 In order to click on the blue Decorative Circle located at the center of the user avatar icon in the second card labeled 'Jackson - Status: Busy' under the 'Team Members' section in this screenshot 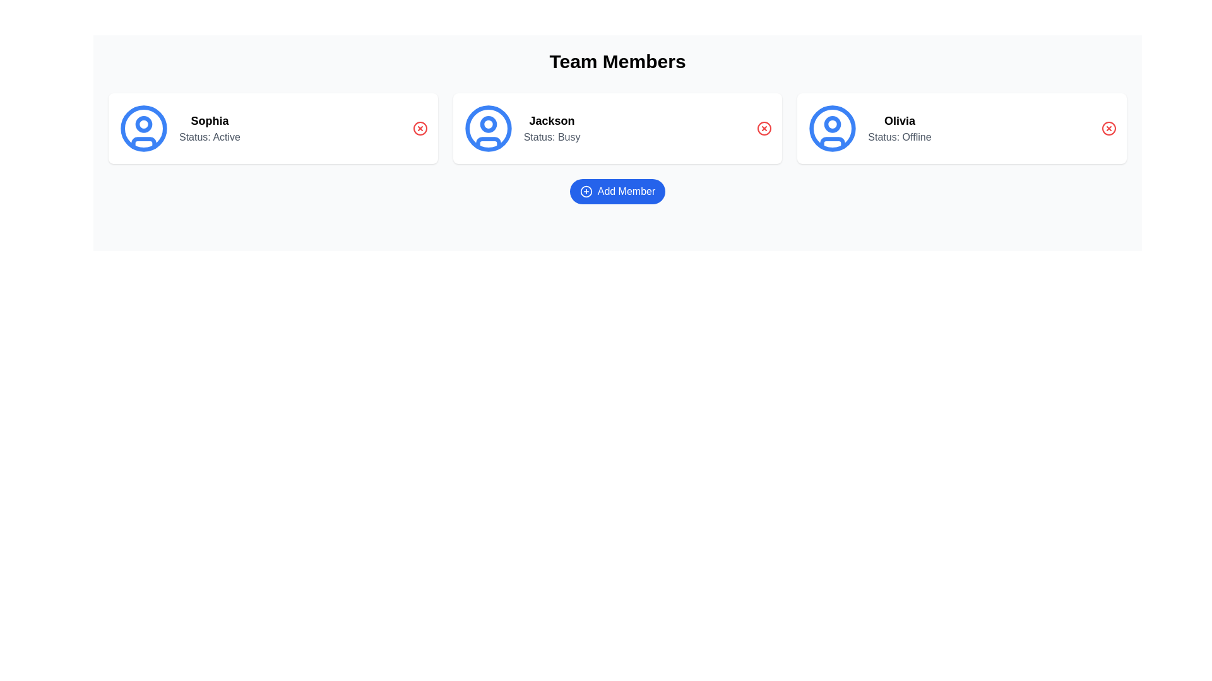, I will do `click(487, 124)`.